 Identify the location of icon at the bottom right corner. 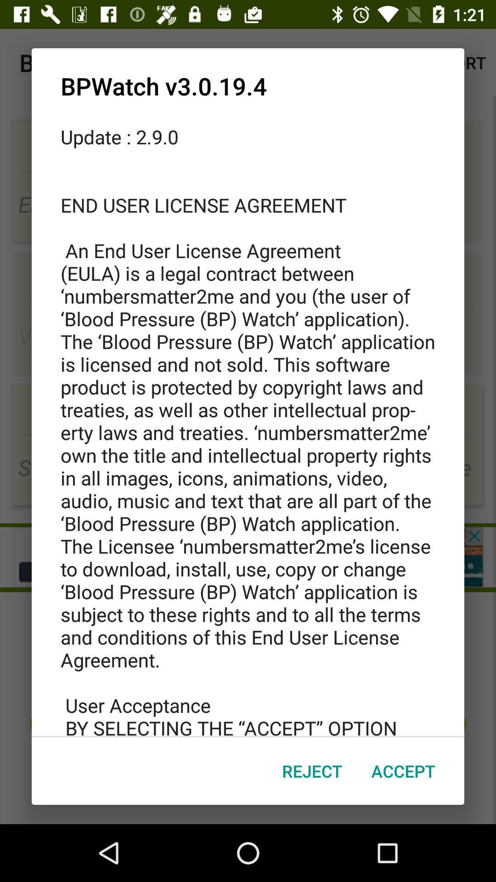
(403, 771).